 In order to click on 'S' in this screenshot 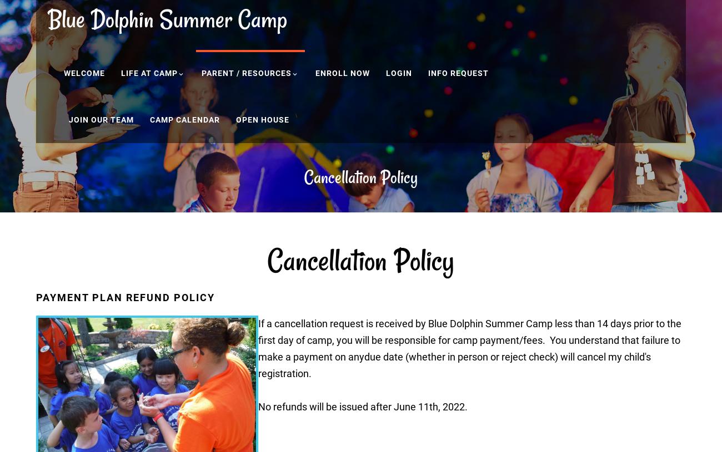, I will do `click(159, 18)`.